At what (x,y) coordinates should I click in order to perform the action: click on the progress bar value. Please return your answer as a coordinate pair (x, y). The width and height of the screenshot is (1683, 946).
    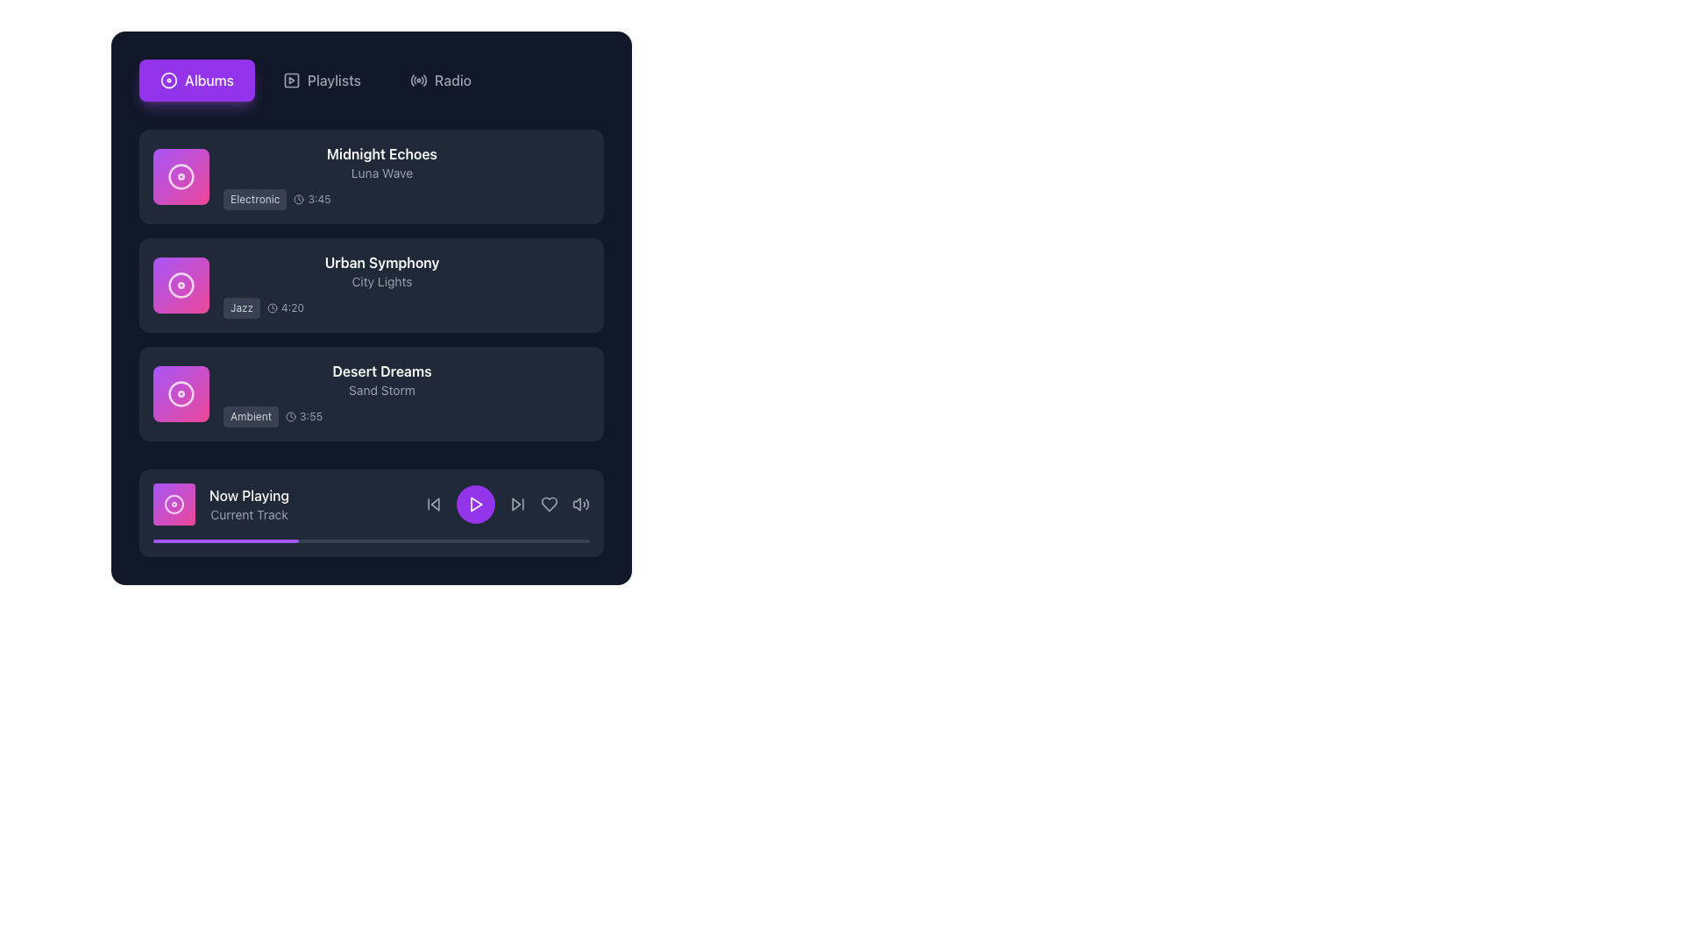
    Looking at the image, I should click on (261, 540).